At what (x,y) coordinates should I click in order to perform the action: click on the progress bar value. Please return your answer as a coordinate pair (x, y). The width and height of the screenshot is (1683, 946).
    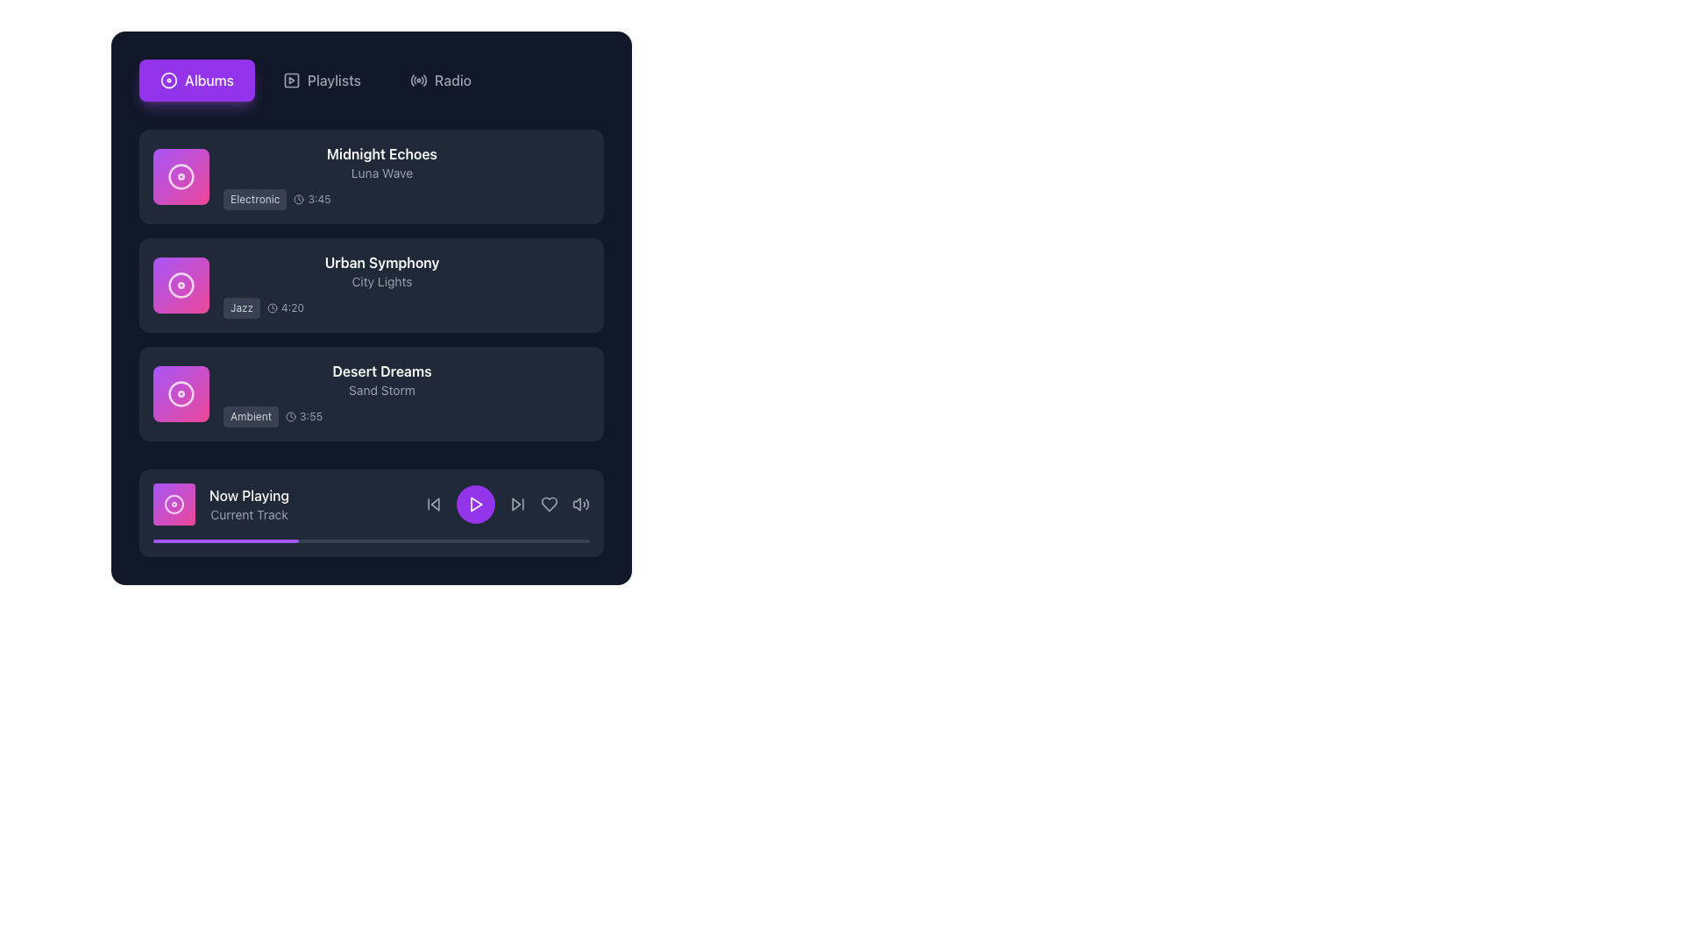
    Looking at the image, I should click on (261, 540).